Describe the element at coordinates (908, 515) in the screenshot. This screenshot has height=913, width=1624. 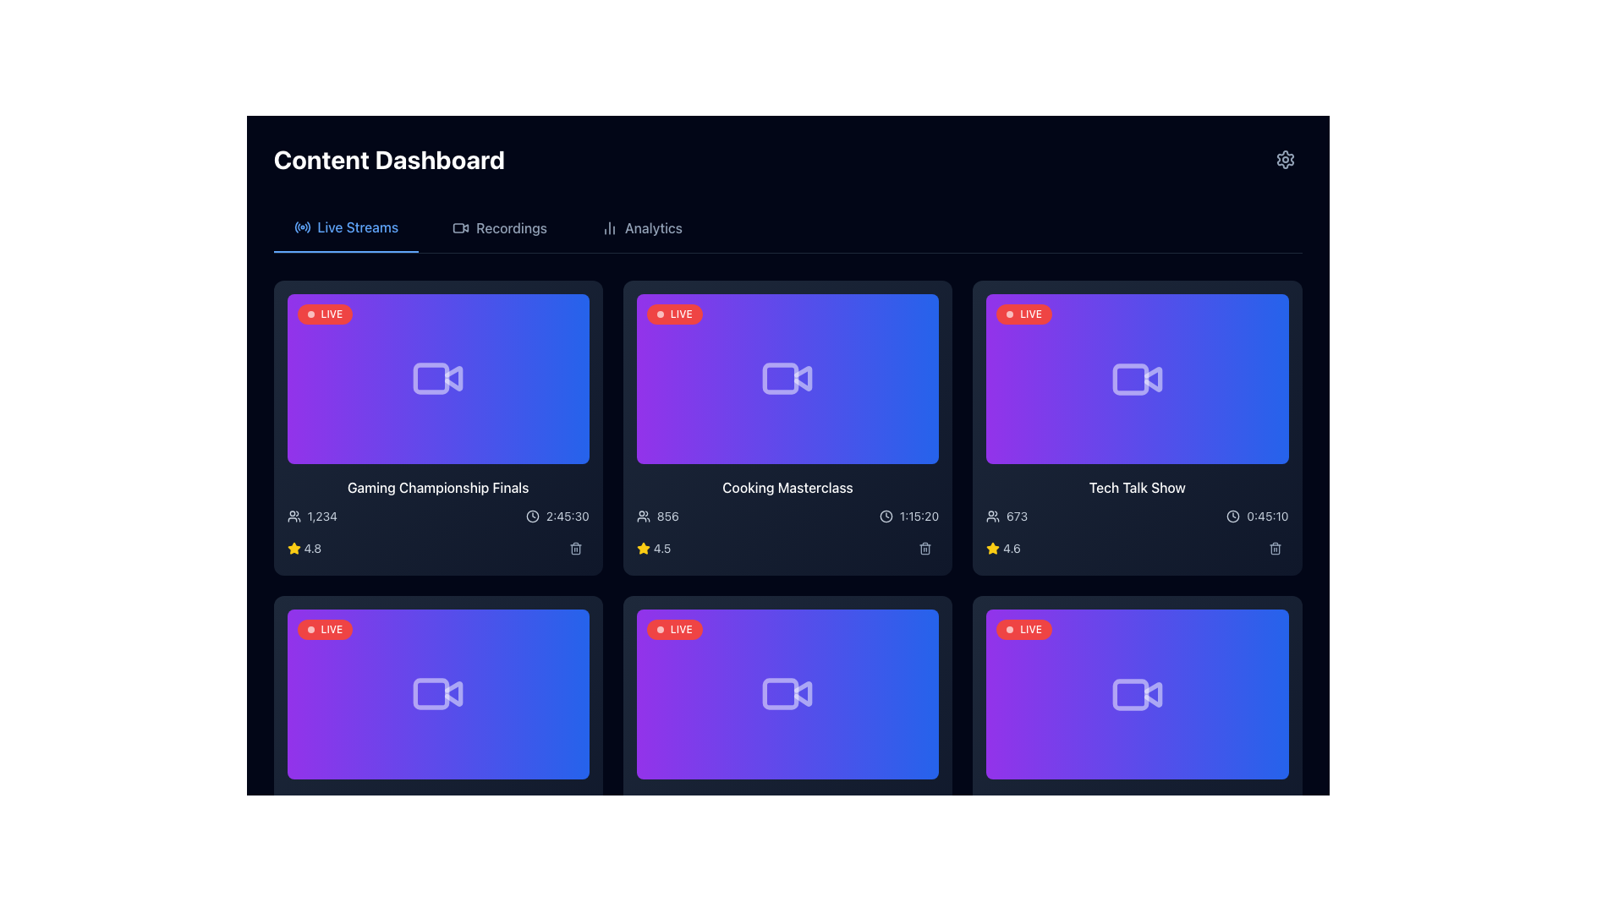
I see `time duration displayed in the text display located in the 'Cooking Masterclass' card, positioned in the top row, middle column of the grid, near the bottom-right corner` at that location.